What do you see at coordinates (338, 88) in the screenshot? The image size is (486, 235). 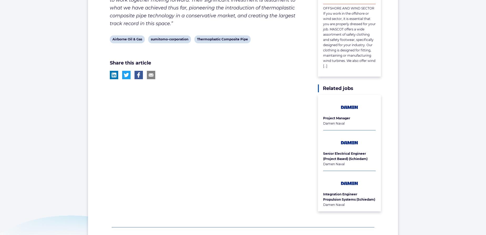 I see `'Related jobs'` at bounding box center [338, 88].